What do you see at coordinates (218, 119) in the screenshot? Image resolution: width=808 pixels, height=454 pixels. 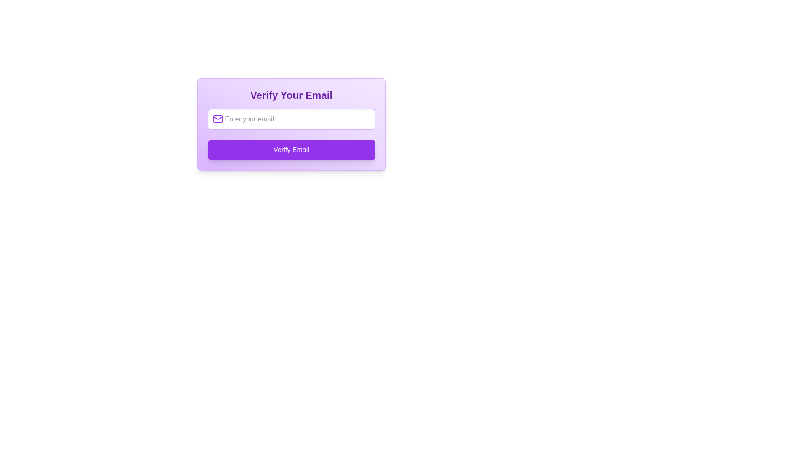 I see `the rectangular part of the email icon with a purple outline that is located to the left of the 'Enter your email' text input field in the 'Verify Your Email' interface` at bounding box center [218, 119].